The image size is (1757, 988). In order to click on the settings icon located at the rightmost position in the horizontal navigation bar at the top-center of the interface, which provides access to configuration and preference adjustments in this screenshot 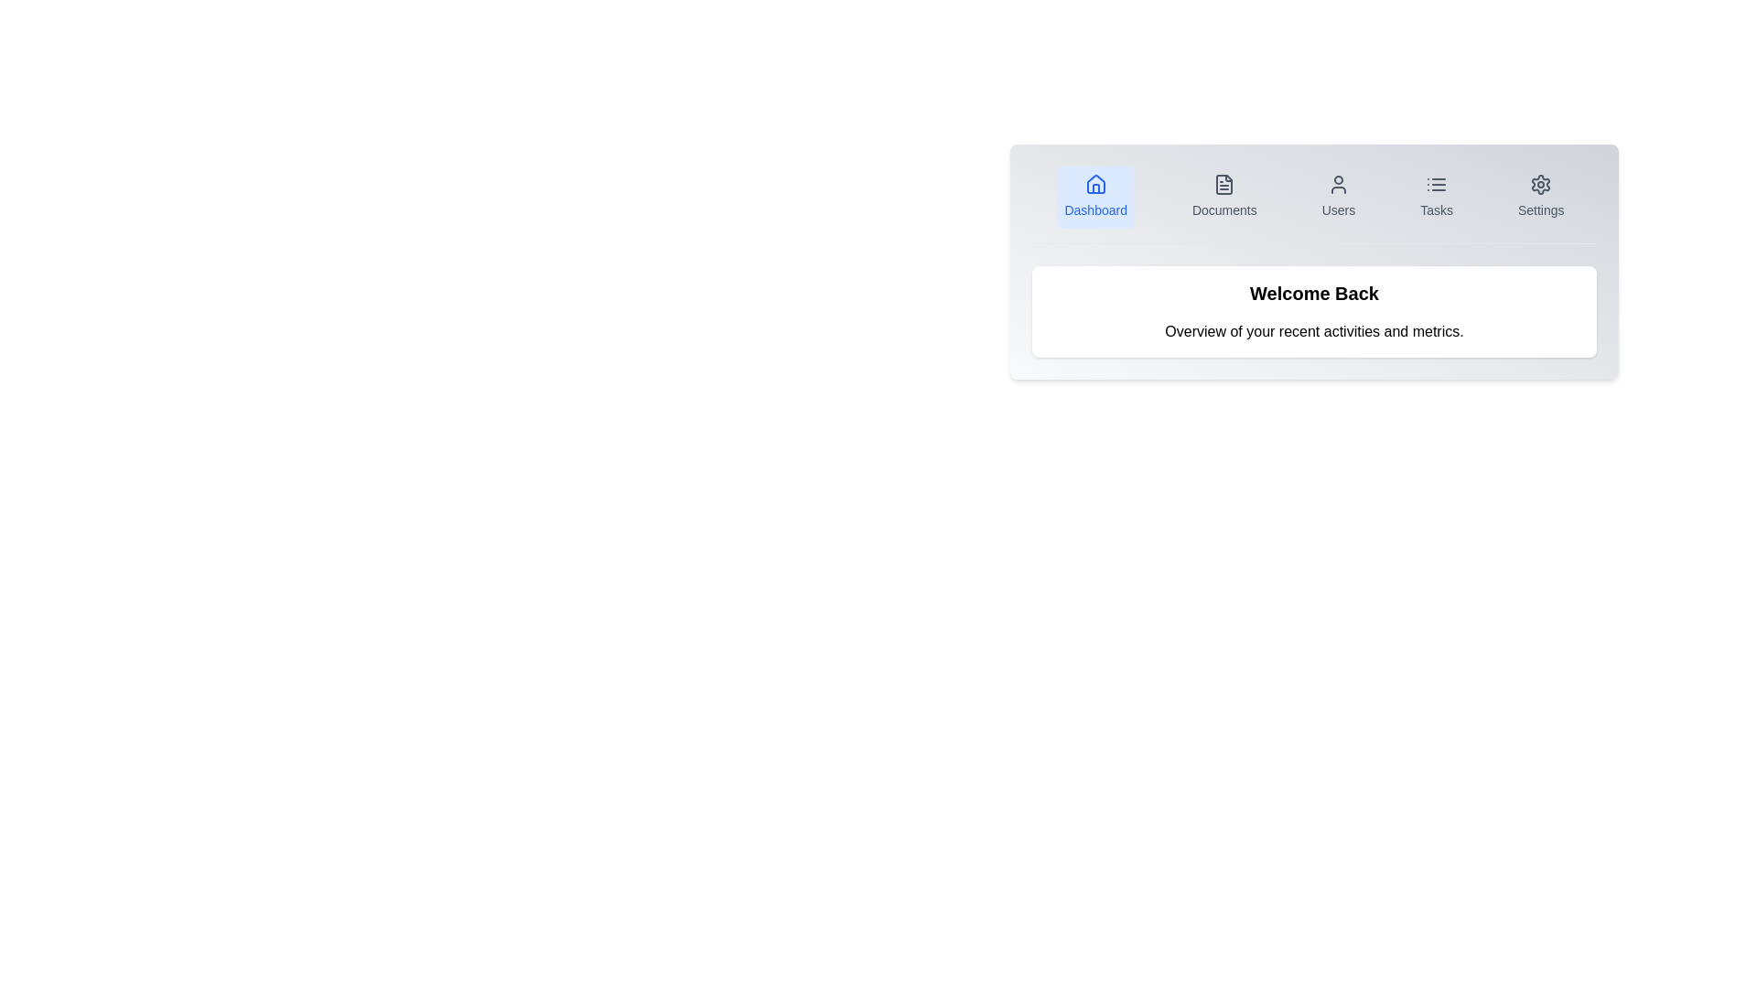, I will do `click(1540, 184)`.